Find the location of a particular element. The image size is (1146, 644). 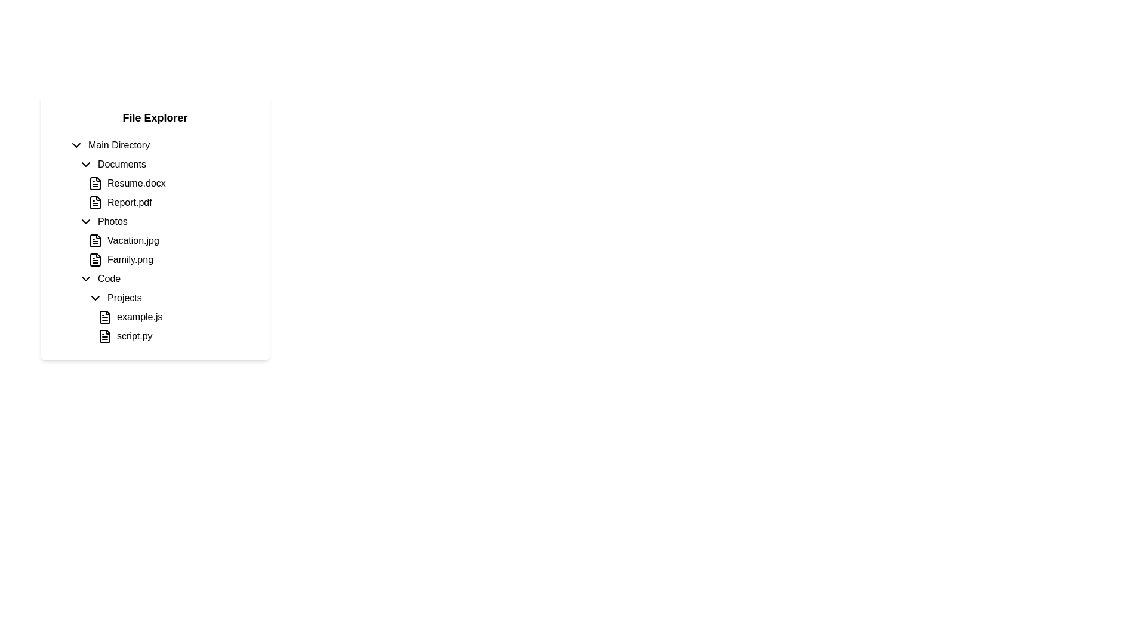

the document icon located to the left of 'Resume.docx' in the File Explorer's Documents section is located at coordinates (94, 184).